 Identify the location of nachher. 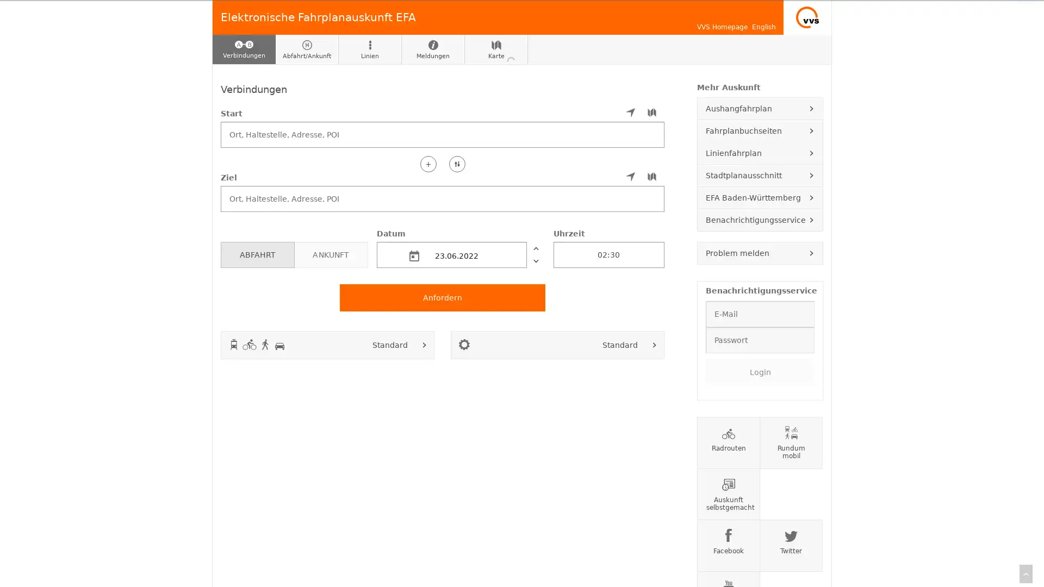
(535, 260).